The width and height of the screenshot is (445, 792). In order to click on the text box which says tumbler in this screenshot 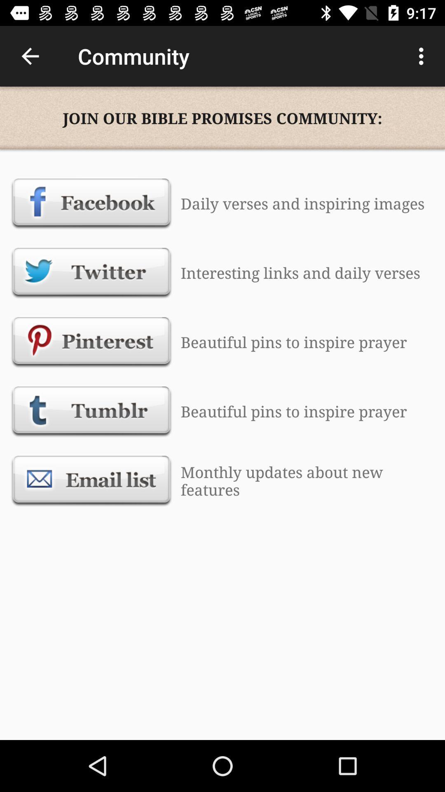, I will do `click(91, 412)`.